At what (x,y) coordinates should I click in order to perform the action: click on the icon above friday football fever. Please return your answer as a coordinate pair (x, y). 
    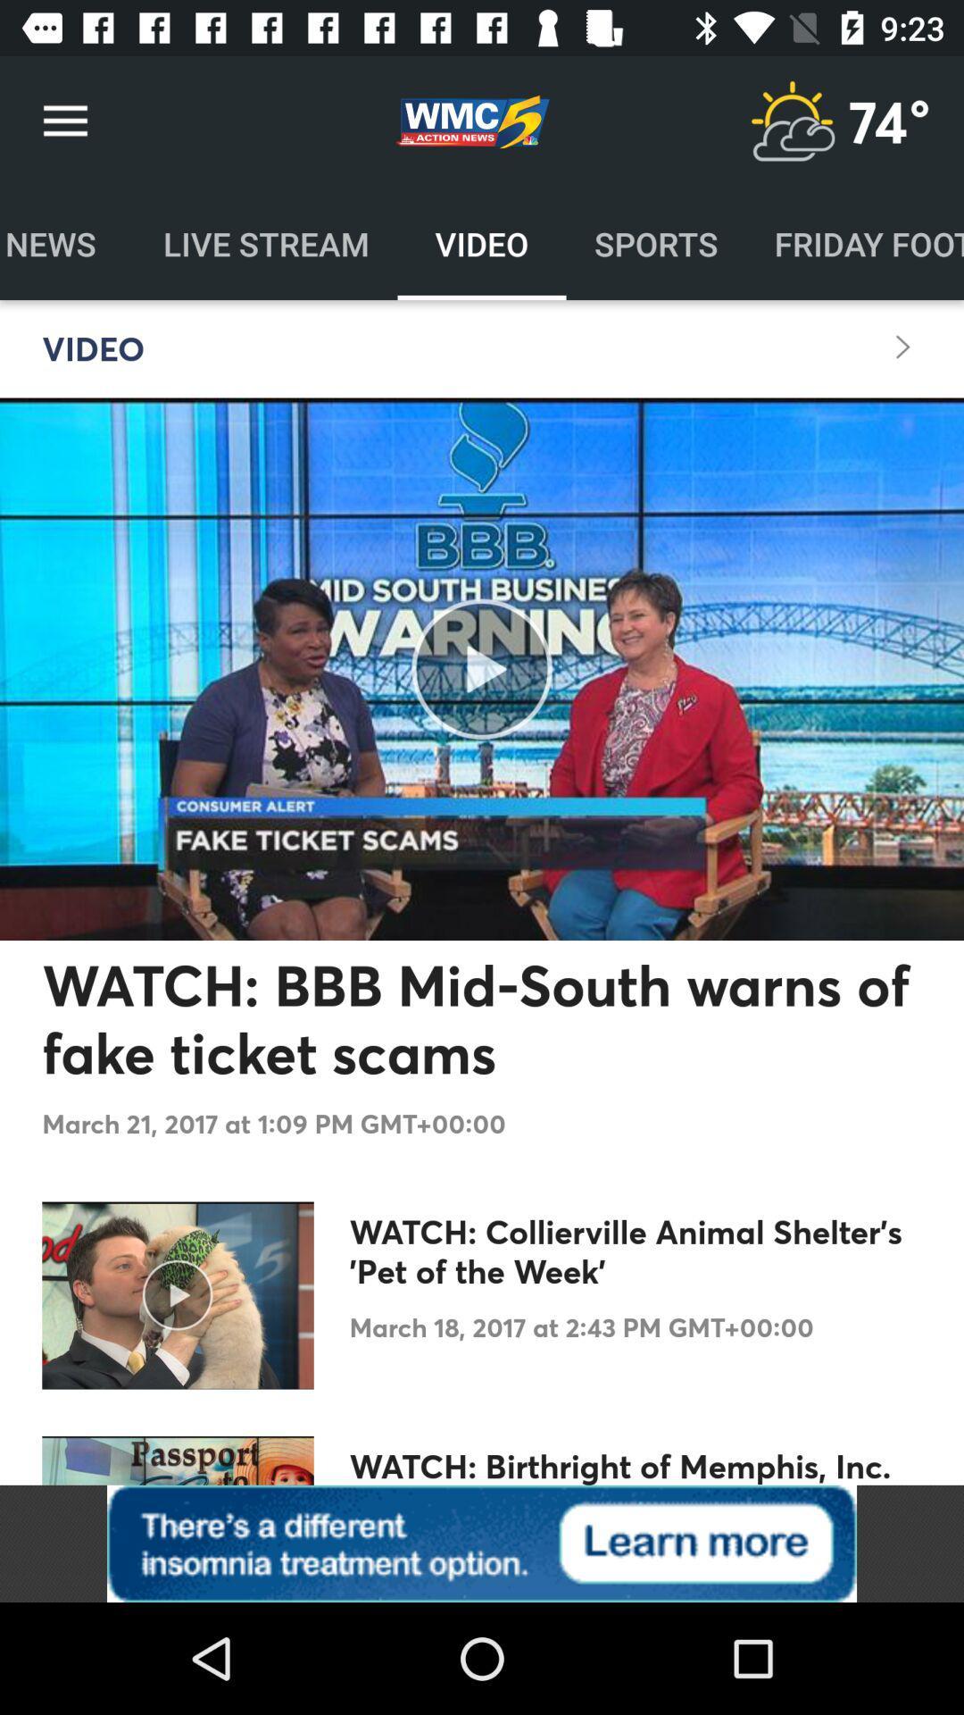
    Looking at the image, I should click on (890, 121).